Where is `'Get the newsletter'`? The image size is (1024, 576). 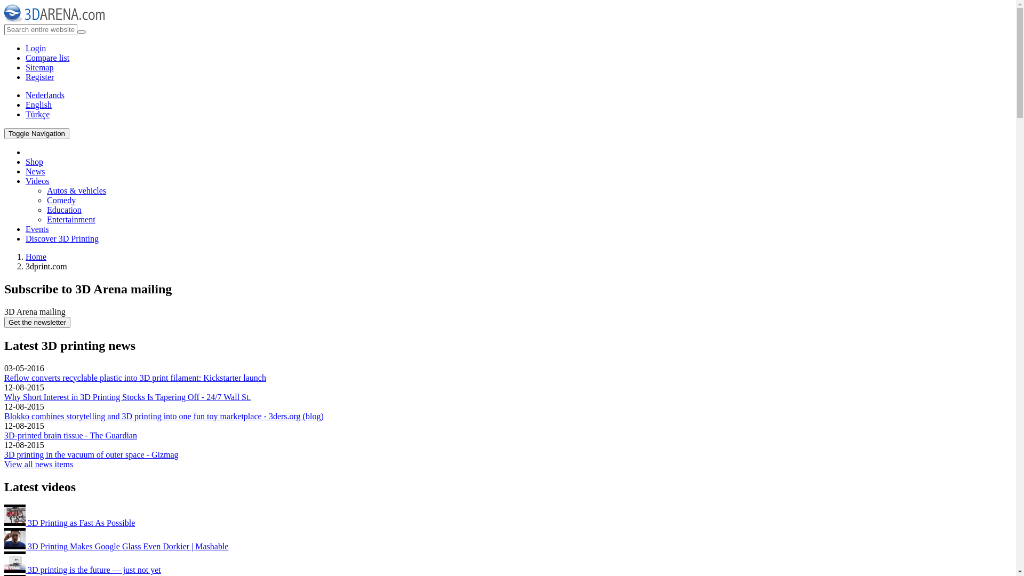
'Get the newsletter' is located at coordinates (37, 322).